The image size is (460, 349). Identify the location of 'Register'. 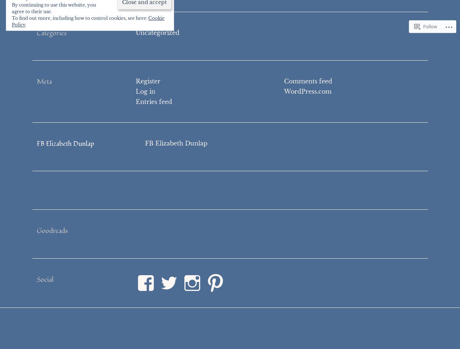
(135, 81).